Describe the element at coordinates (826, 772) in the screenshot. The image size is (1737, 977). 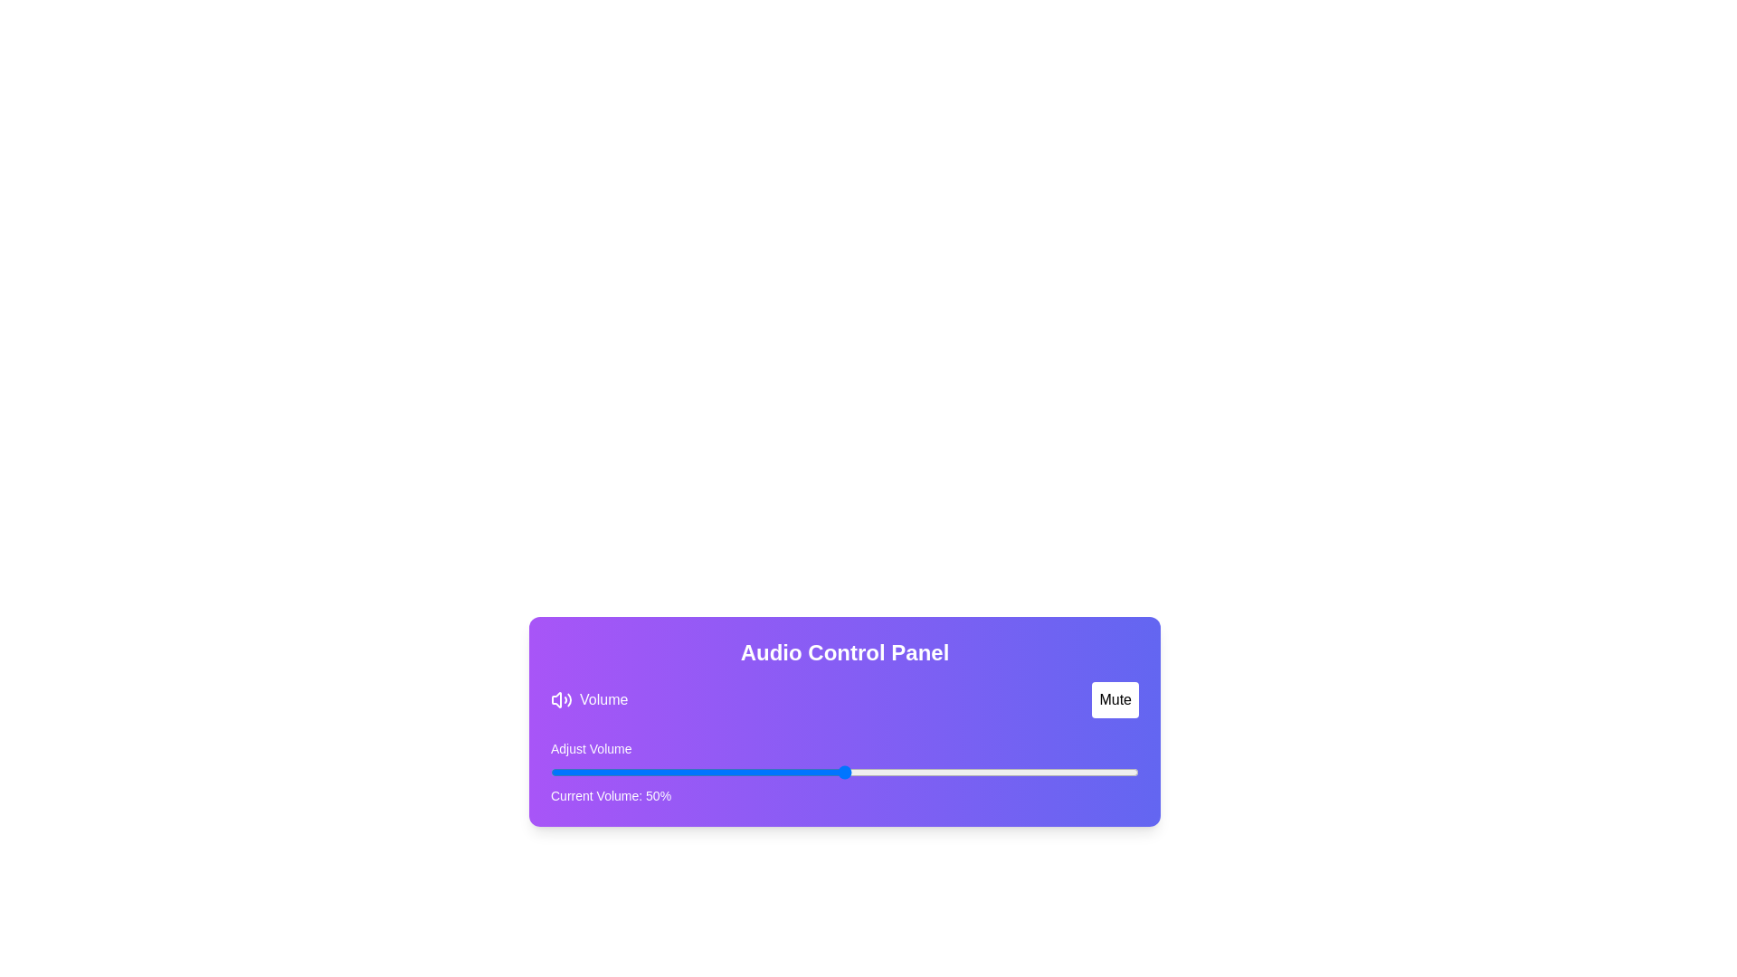
I see `the volume slider` at that location.